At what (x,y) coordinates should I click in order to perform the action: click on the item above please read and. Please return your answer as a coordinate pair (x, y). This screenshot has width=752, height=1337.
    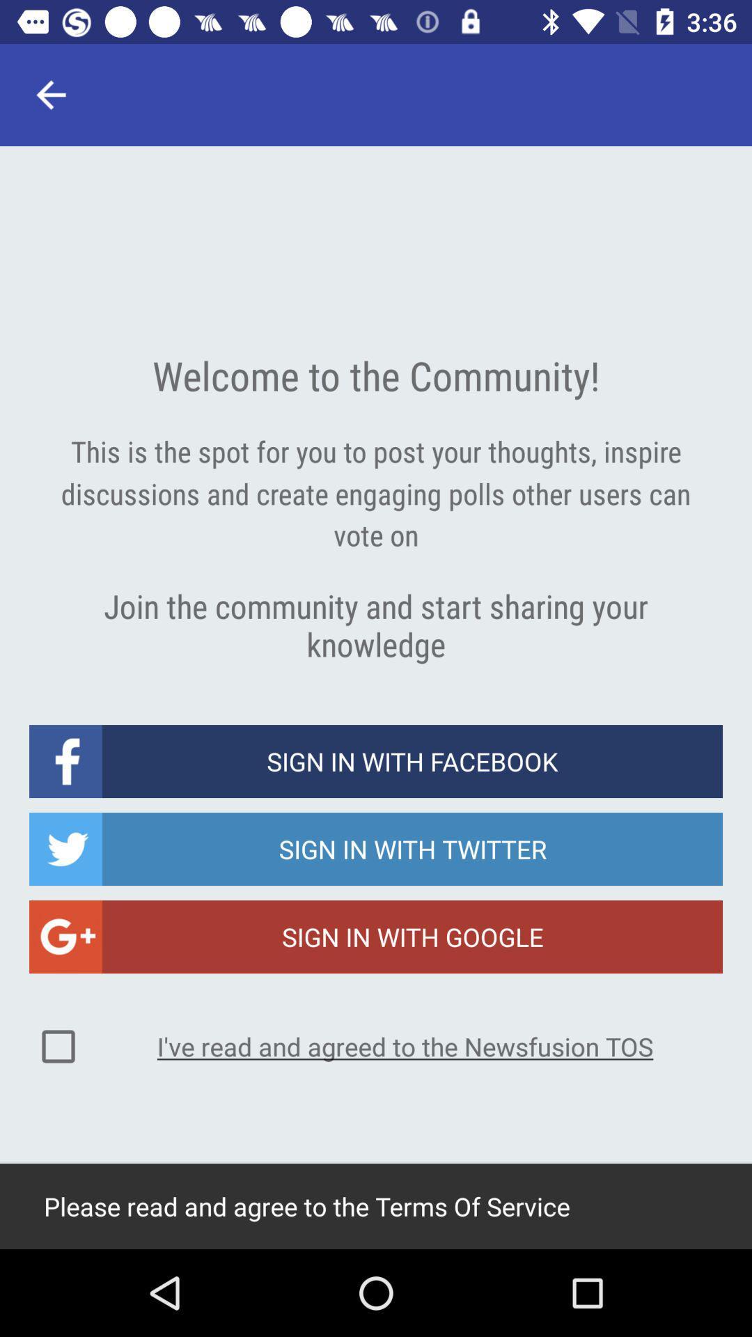
    Looking at the image, I should click on (58, 1046).